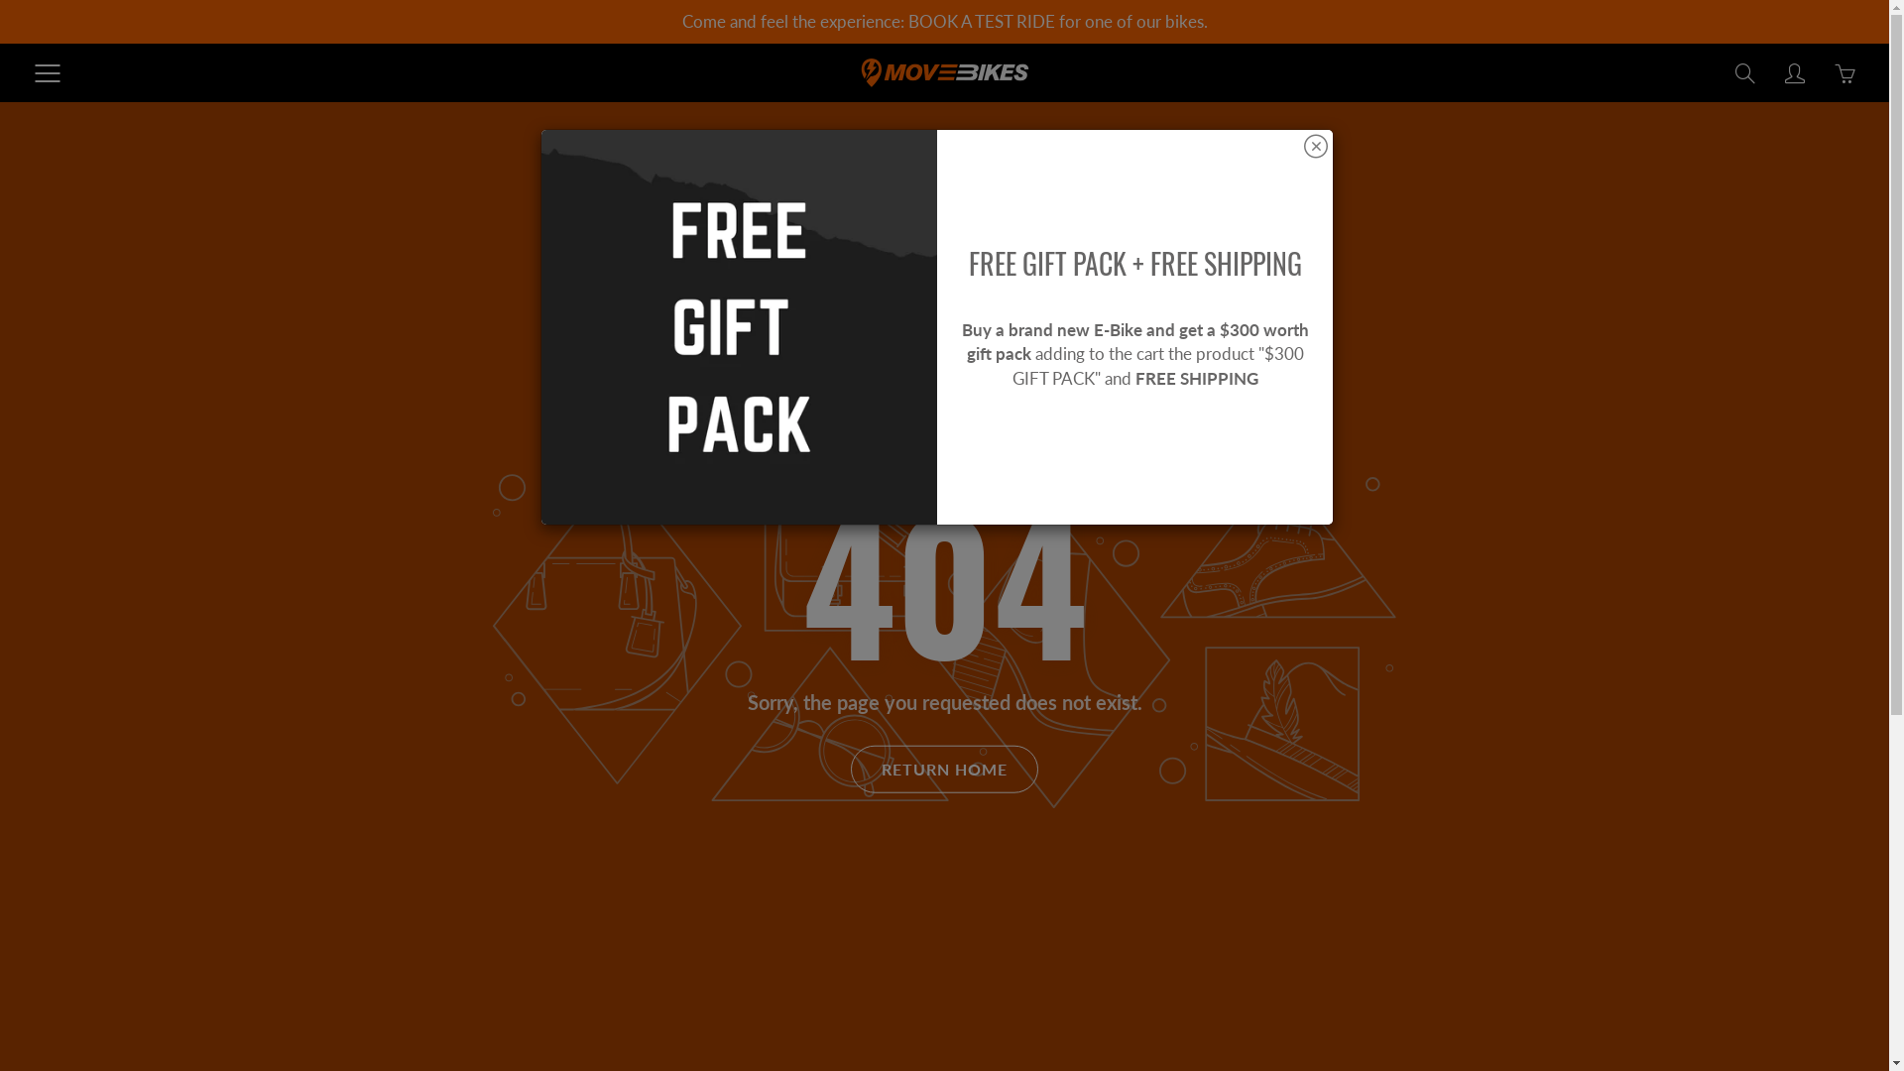 Image resolution: width=1904 pixels, height=1071 pixels. What do you see at coordinates (1828, 71) in the screenshot?
I see `'You have 0 items in your cart'` at bounding box center [1828, 71].